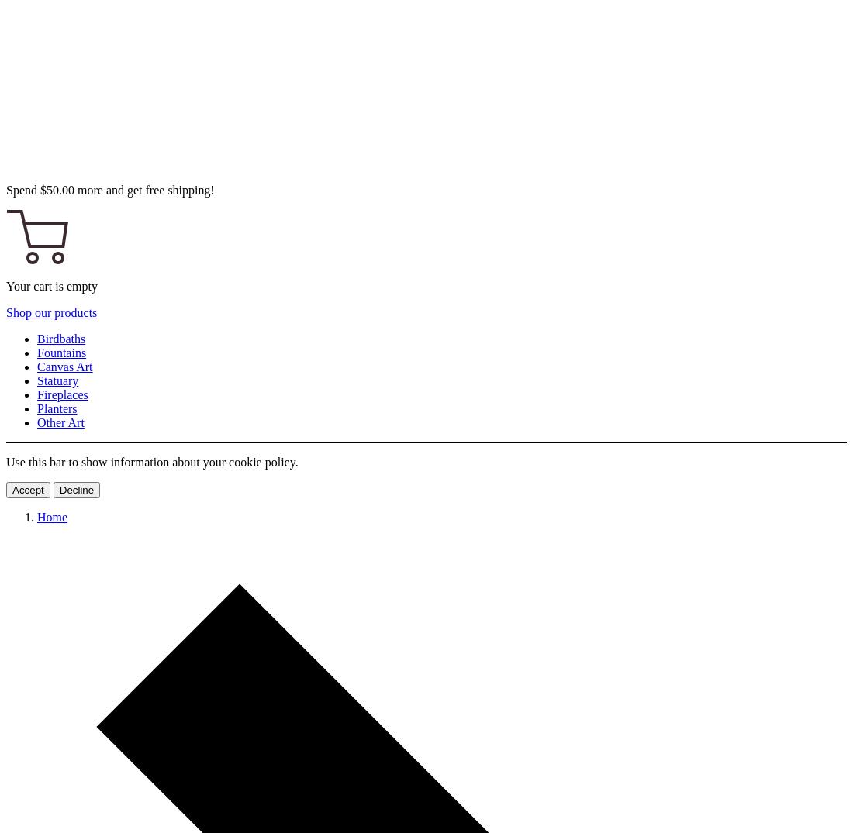  I want to click on '$50.00', so click(57, 190).